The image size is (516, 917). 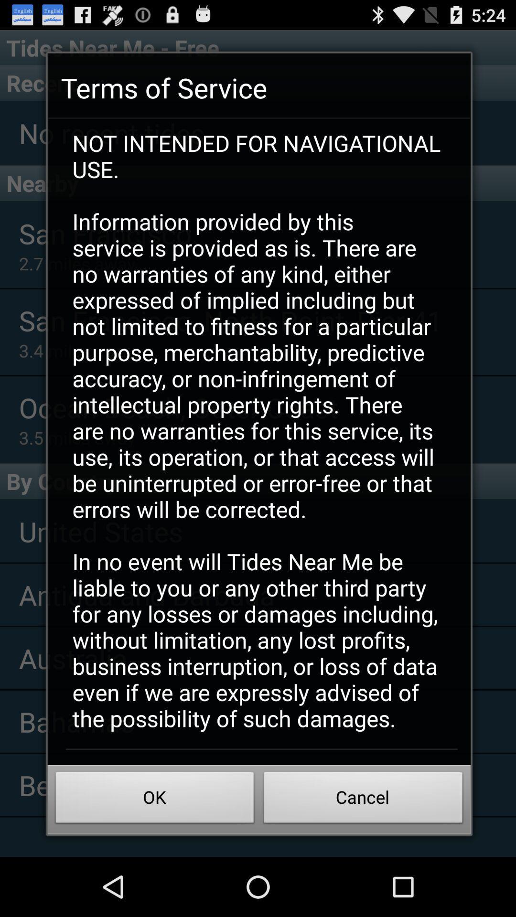 What do you see at coordinates (154, 800) in the screenshot?
I see `the ok icon` at bounding box center [154, 800].